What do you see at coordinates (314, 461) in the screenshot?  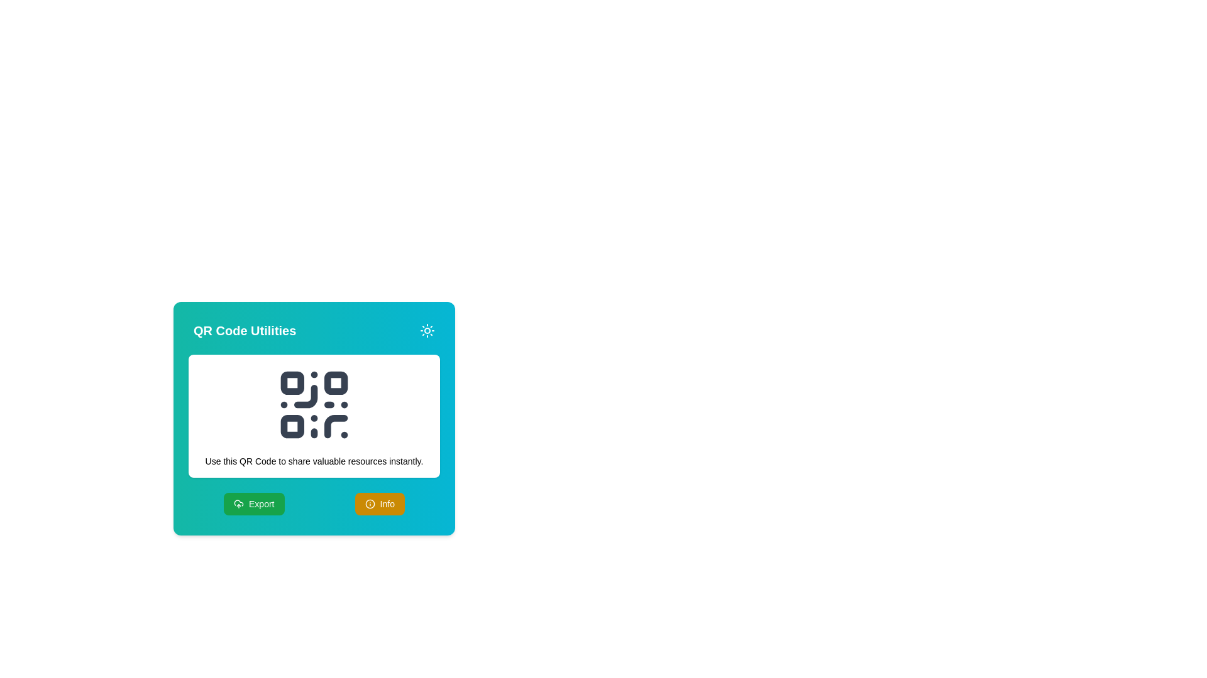 I see `the text label 'Use this QR Code to share valuable resources instantly.' located at the bottom of the card interface` at bounding box center [314, 461].